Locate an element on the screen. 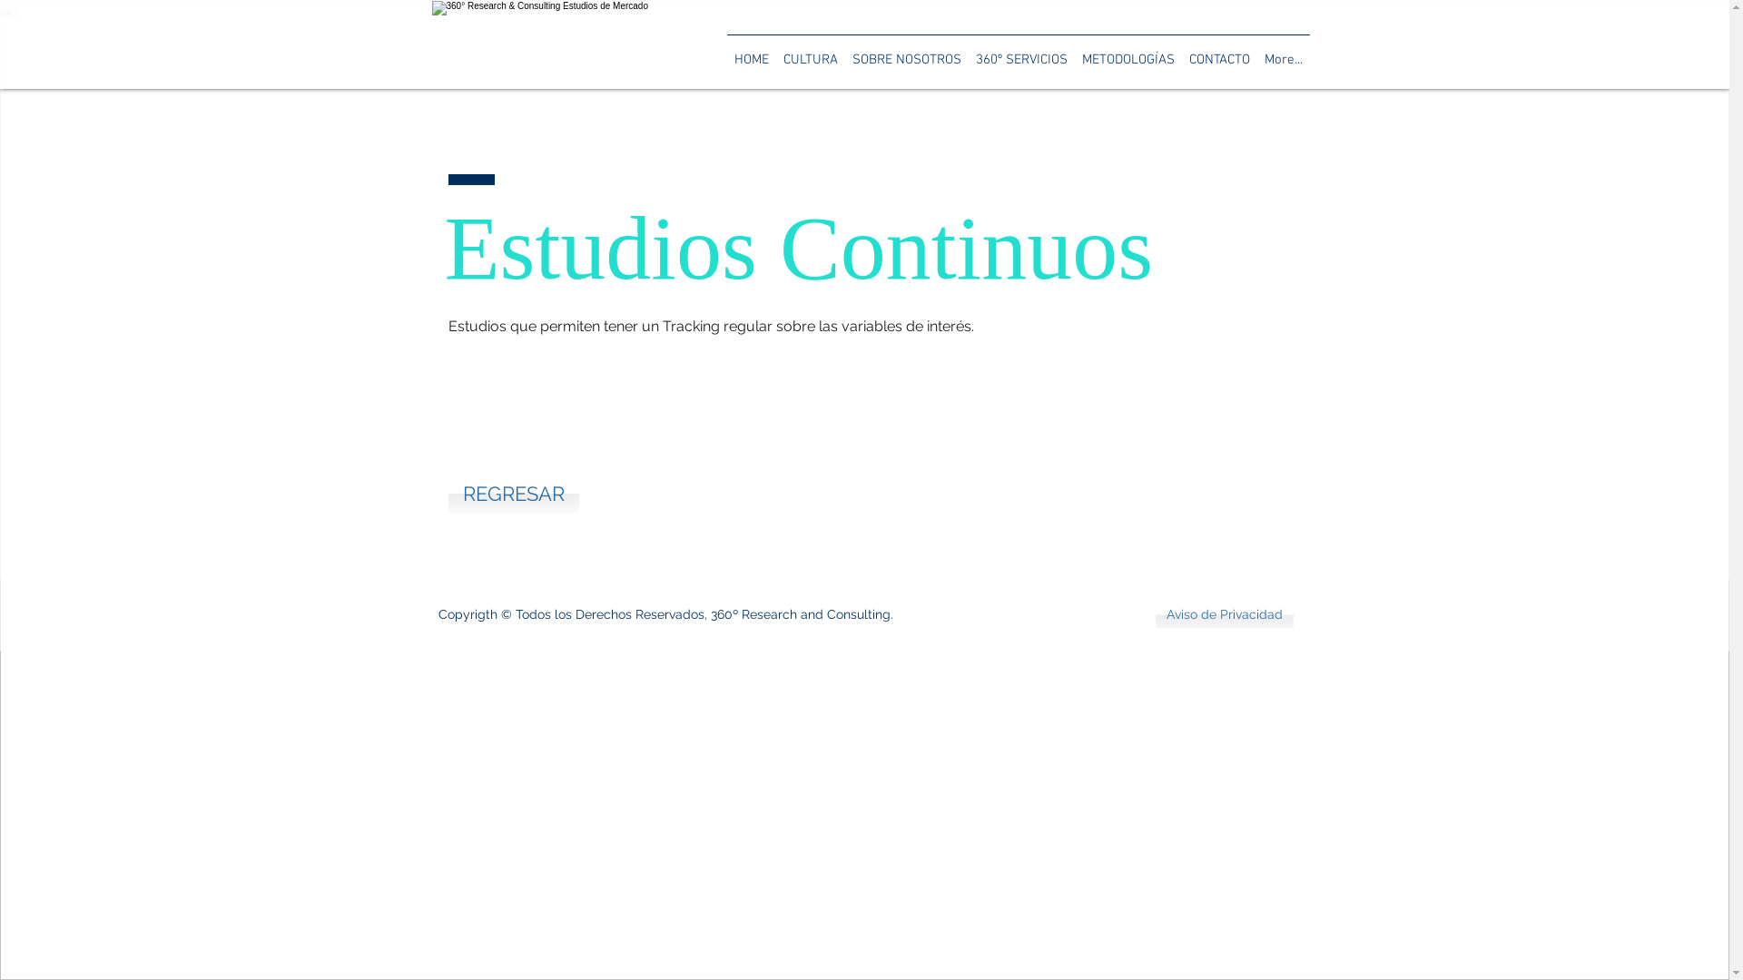  'HOME' is located at coordinates (750, 51).